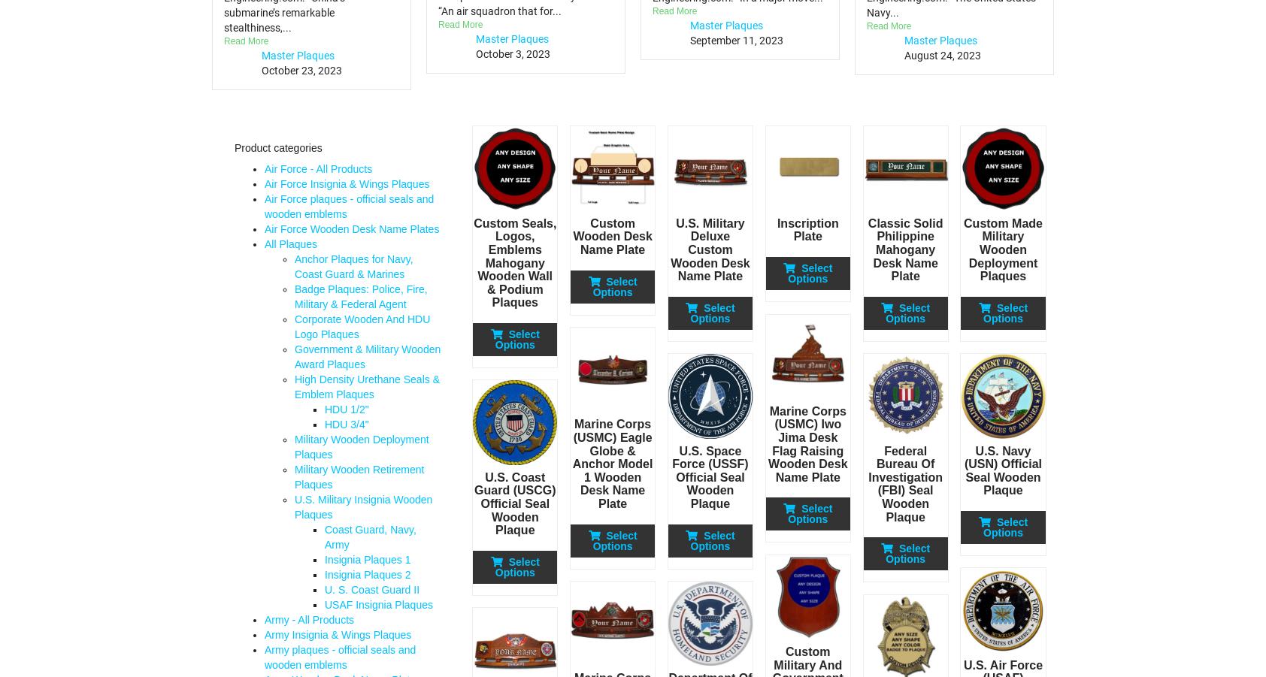 The width and height of the screenshot is (1266, 677). What do you see at coordinates (367, 574) in the screenshot?
I see `'Insignia Plaques 2'` at bounding box center [367, 574].